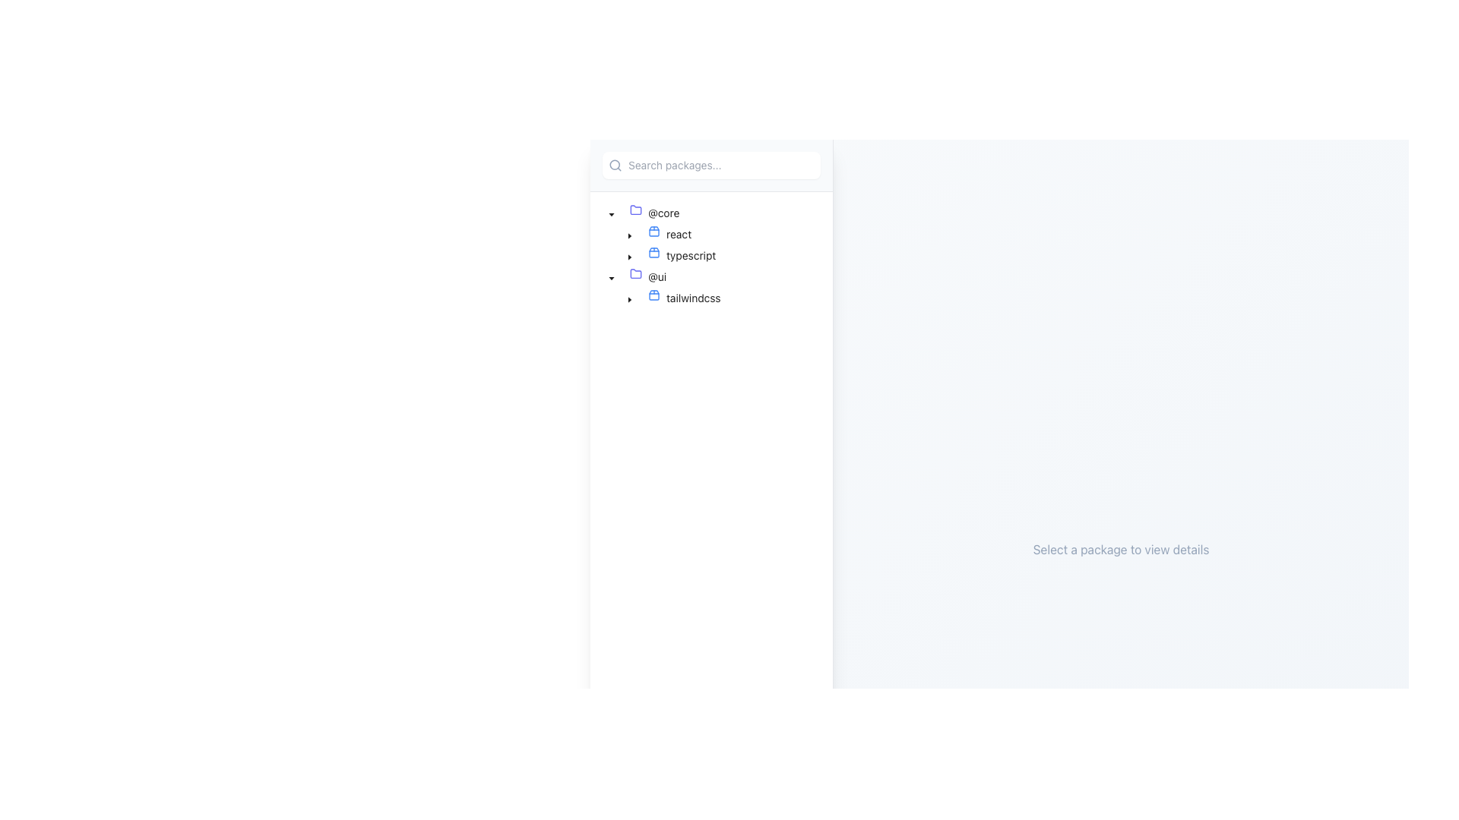 This screenshot has width=1459, height=820. I want to click on the blue package icon located next to the 'tailwindcss' text label, so click(657, 298).